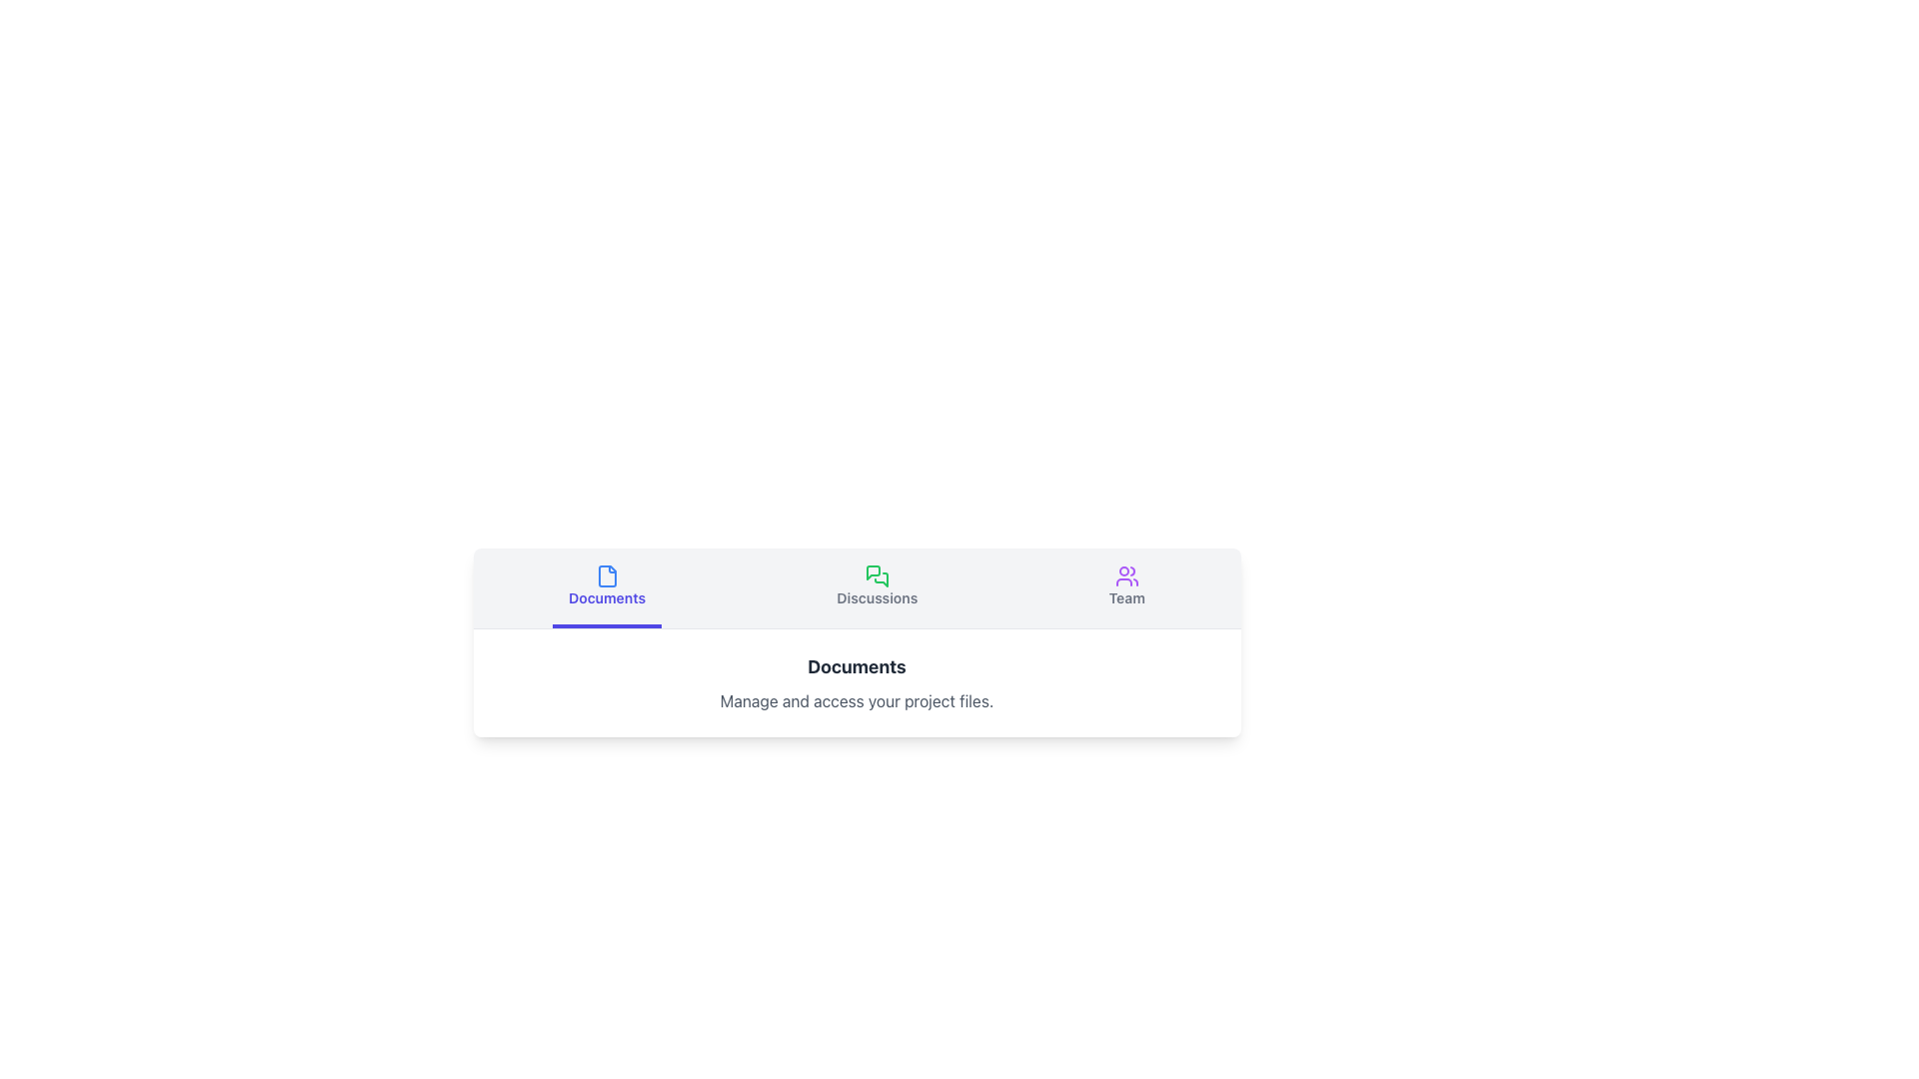  Describe the element at coordinates (606, 586) in the screenshot. I see `the navigational button on the leftmost side of the navigation bar` at that location.